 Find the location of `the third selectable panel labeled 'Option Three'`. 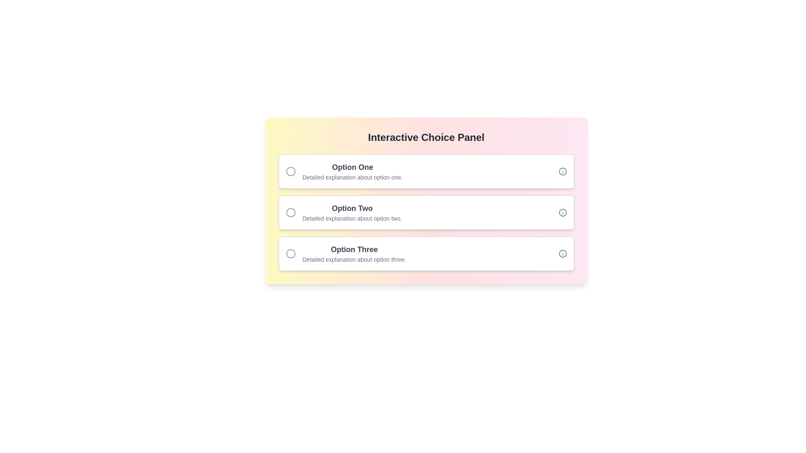

the third selectable panel labeled 'Option Three' is located at coordinates (426, 253).